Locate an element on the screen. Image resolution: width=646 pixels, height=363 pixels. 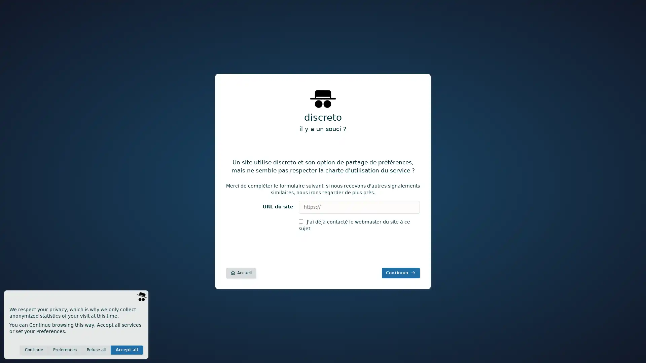
Preferences is located at coordinates (65, 350).